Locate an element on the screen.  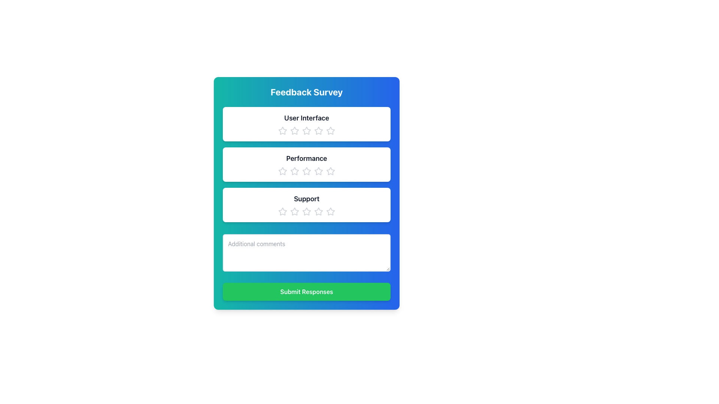
the second star icon in the five-star rating bar under the 'User Interface' feedback section is located at coordinates (330, 130).